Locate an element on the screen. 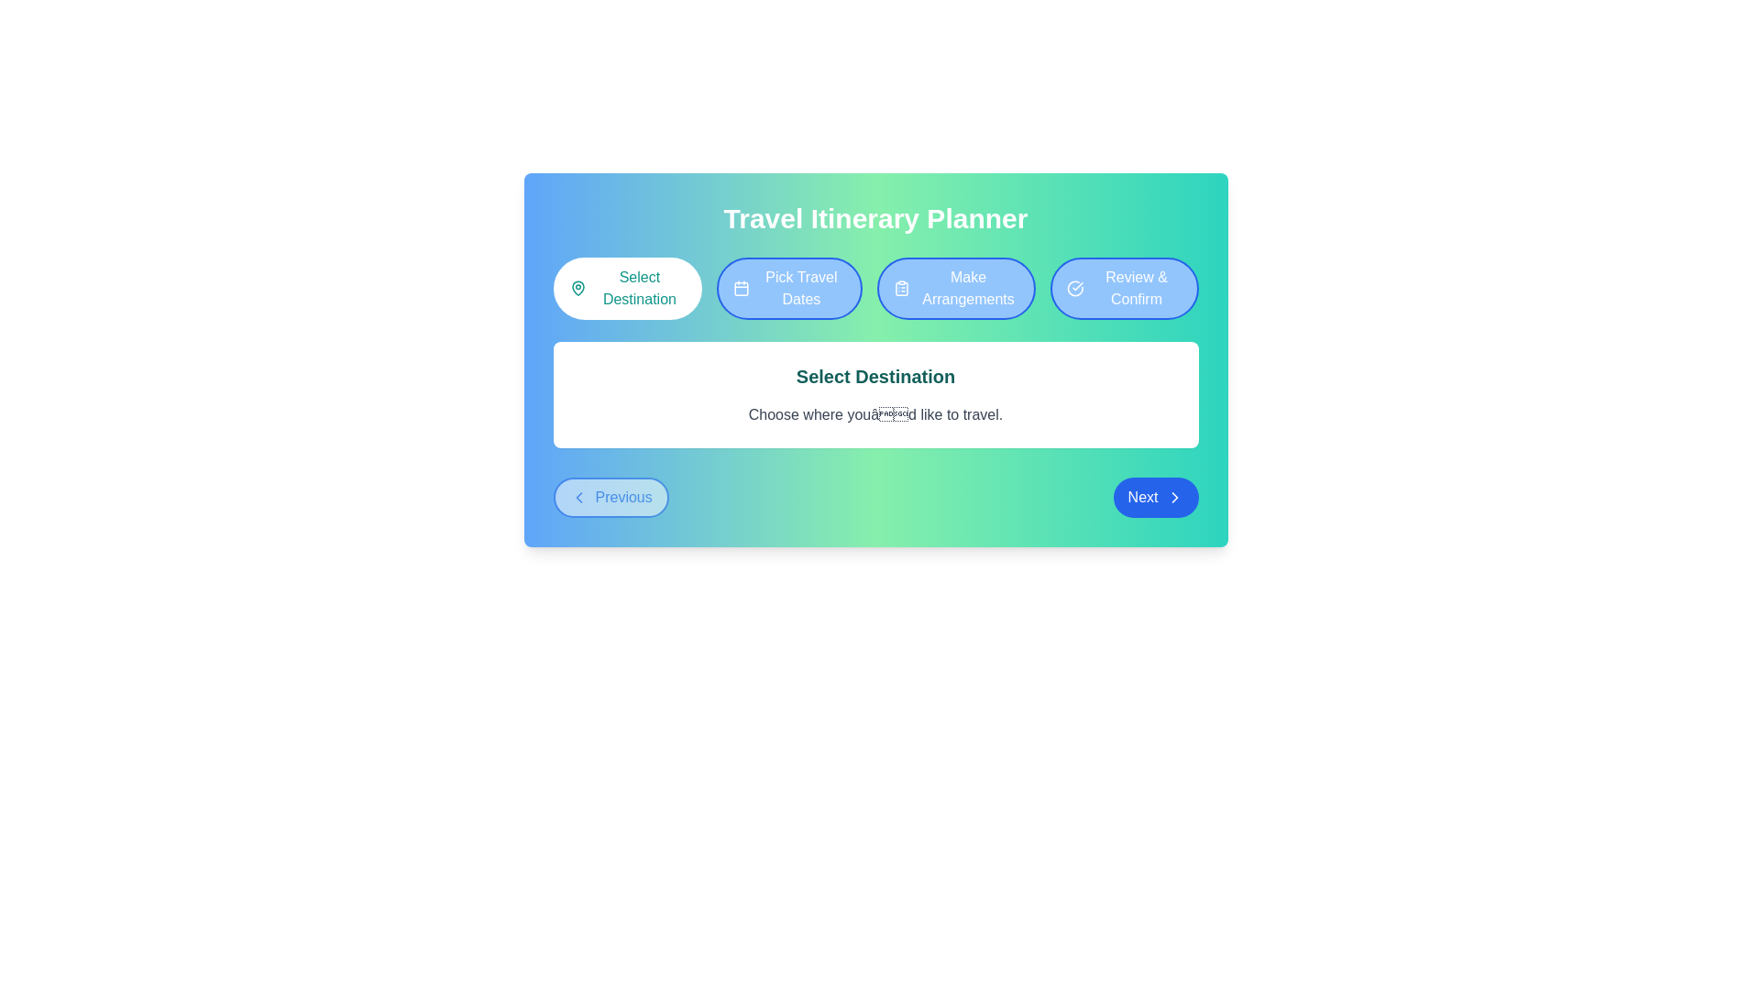 This screenshot has width=1760, height=990. the visual component of the calendar icon adjacent to the 'Pick Travel Dates' label, which represents the date selection step is located at coordinates (742, 289).